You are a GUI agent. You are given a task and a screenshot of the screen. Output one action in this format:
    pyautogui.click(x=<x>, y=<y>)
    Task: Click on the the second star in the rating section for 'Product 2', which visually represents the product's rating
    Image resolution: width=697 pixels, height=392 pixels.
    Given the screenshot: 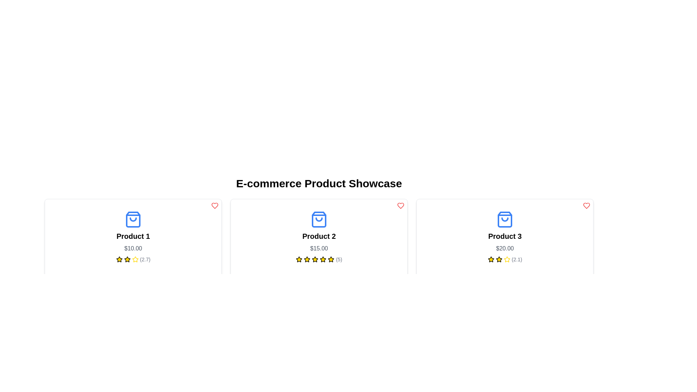 What is the action you would take?
    pyautogui.click(x=299, y=259)
    